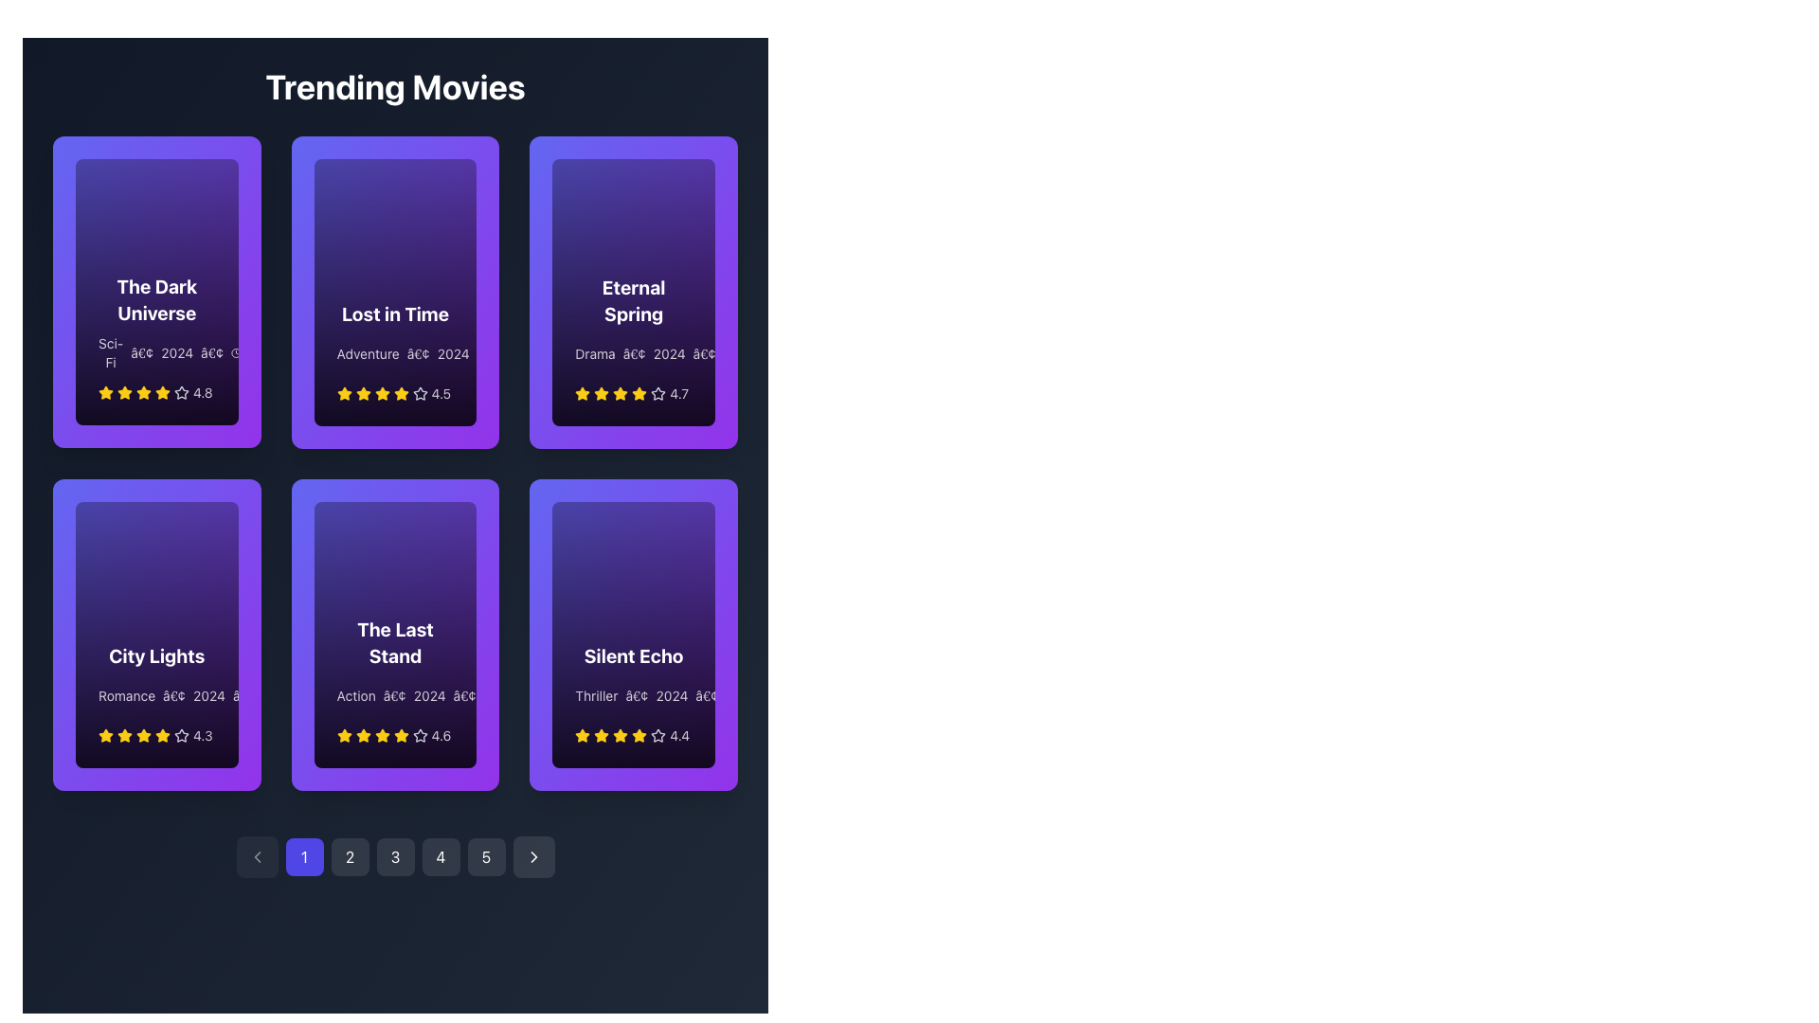  What do you see at coordinates (104, 733) in the screenshot?
I see `the first star icon in the 5-star rating system for the movie 'City Lights', which is located below the title and next to the rating label '4.3'` at bounding box center [104, 733].